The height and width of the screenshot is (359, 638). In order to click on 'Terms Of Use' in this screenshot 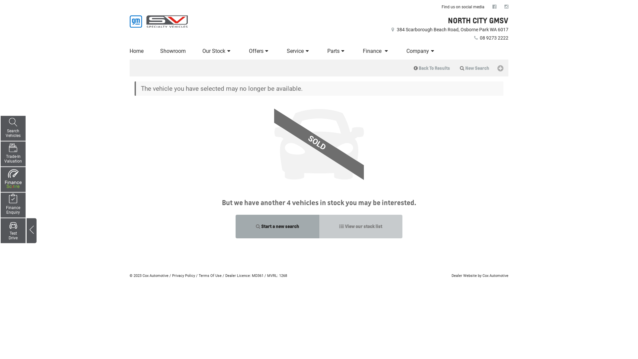, I will do `click(198, 276)`.